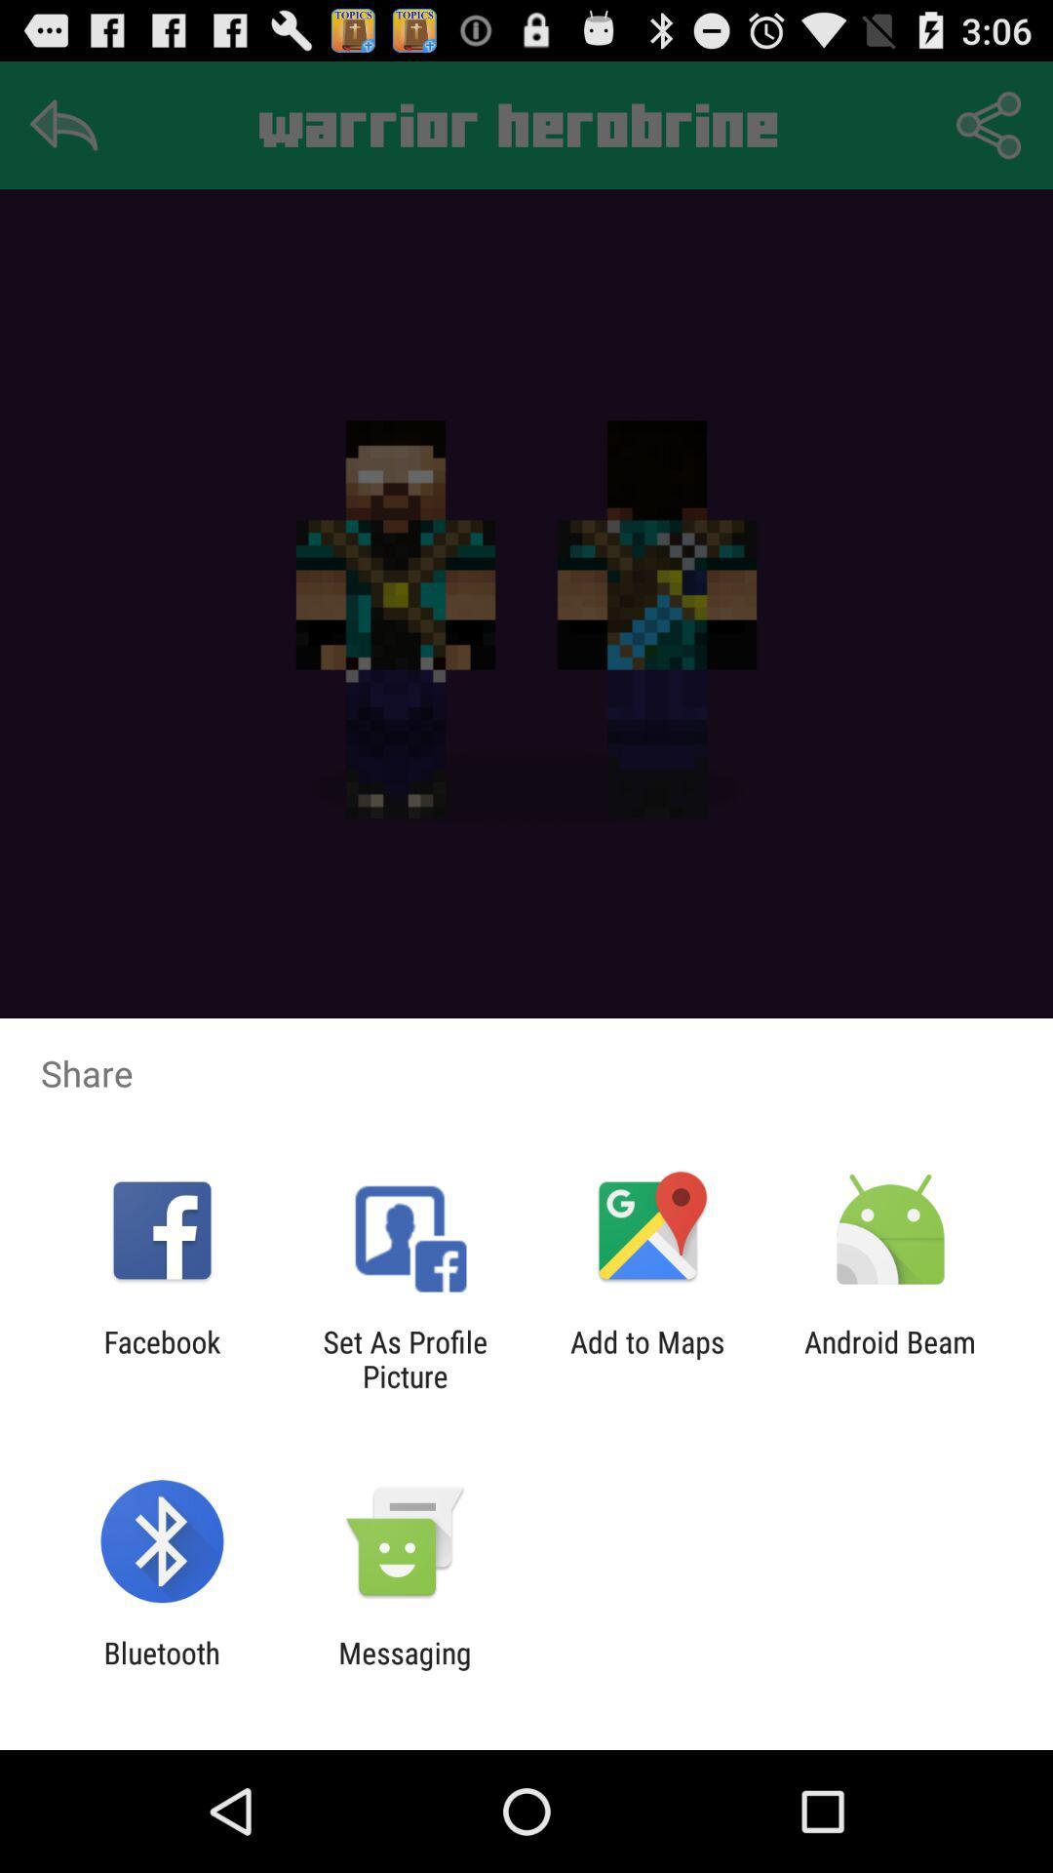  What do you see at coordinates (647, 1358) in the screenshot?
I see `item next to android beam icon` at bounding box center [647, 1358].